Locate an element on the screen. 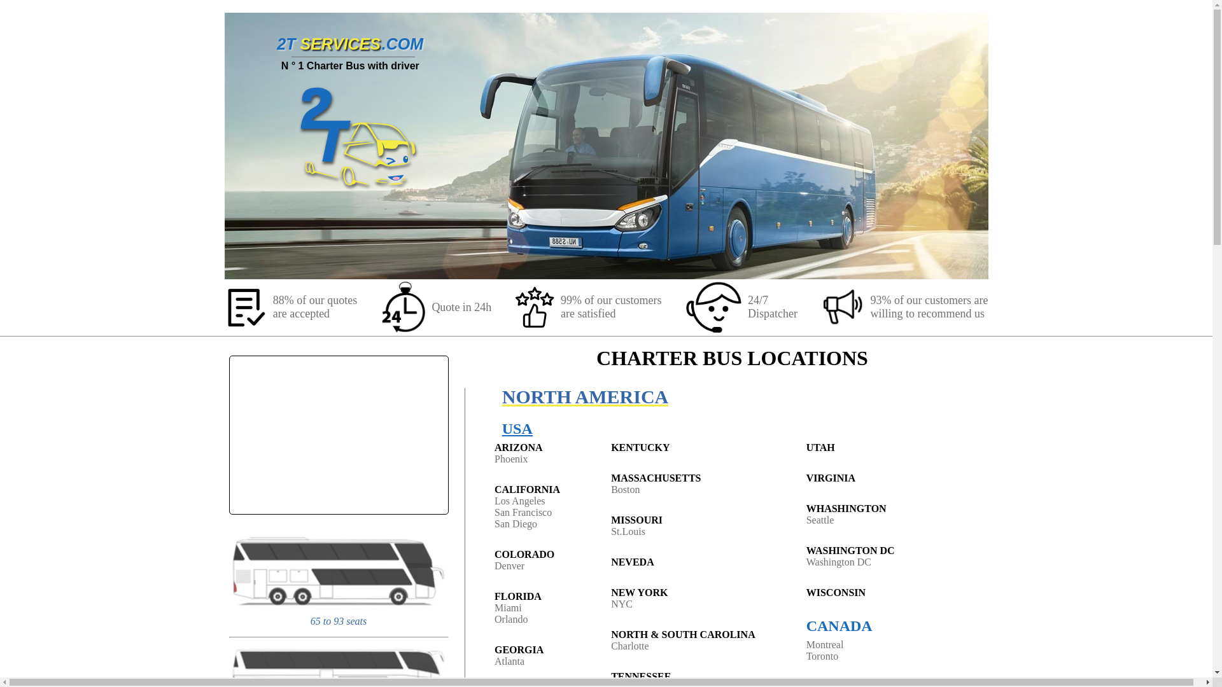 This screenshot has height=687, width=1222. 'WHASHINGTON' is located at coordinates (846, 508).